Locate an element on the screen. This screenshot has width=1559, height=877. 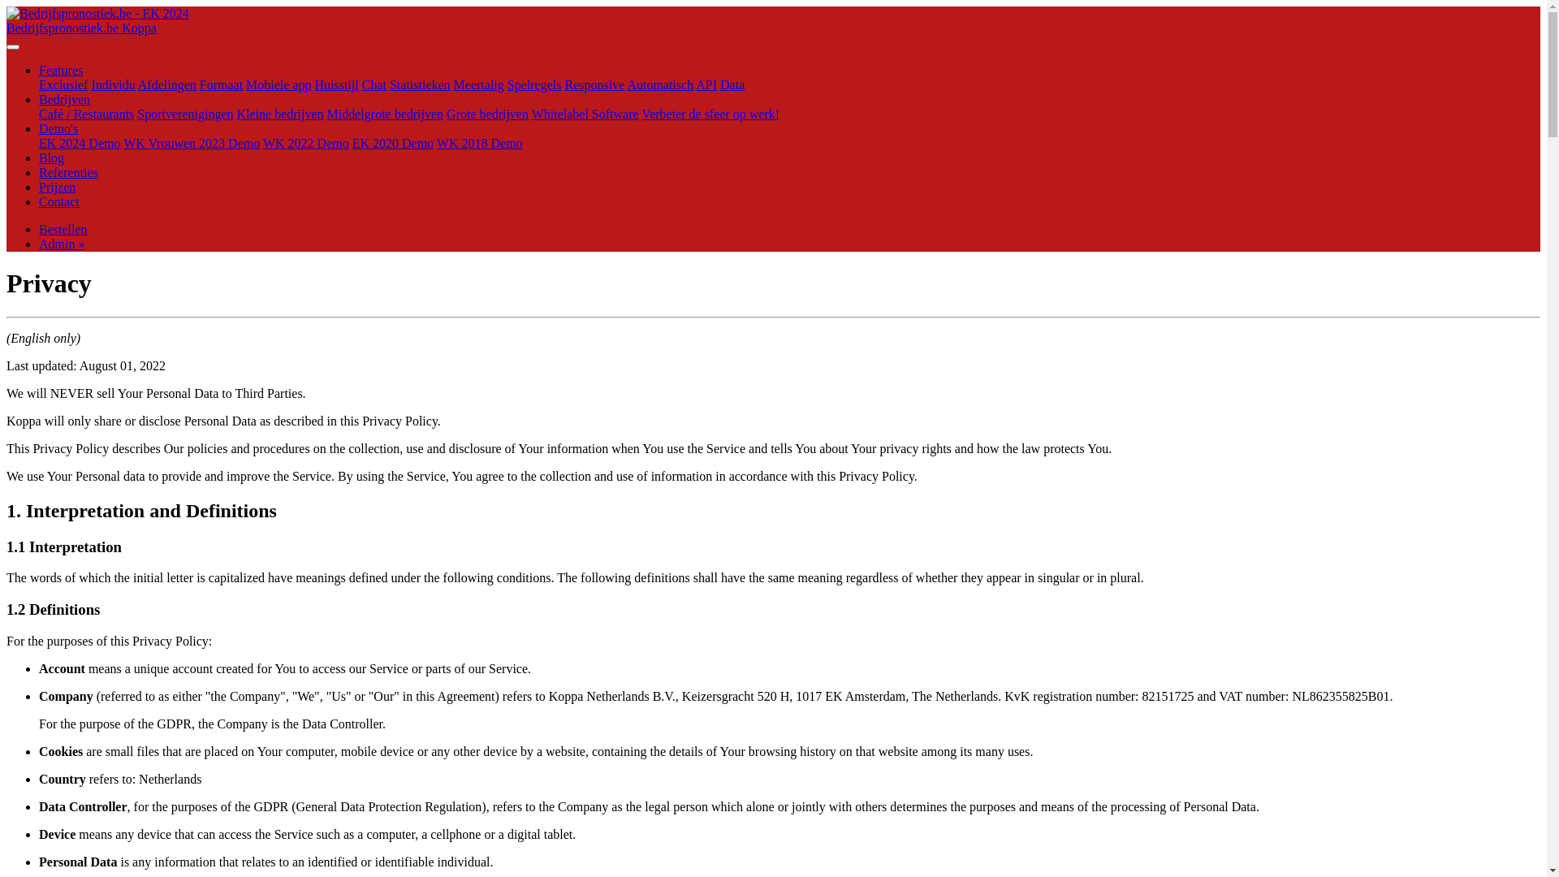
'EK 2024 Demo' is located at coordinates (78, 142).